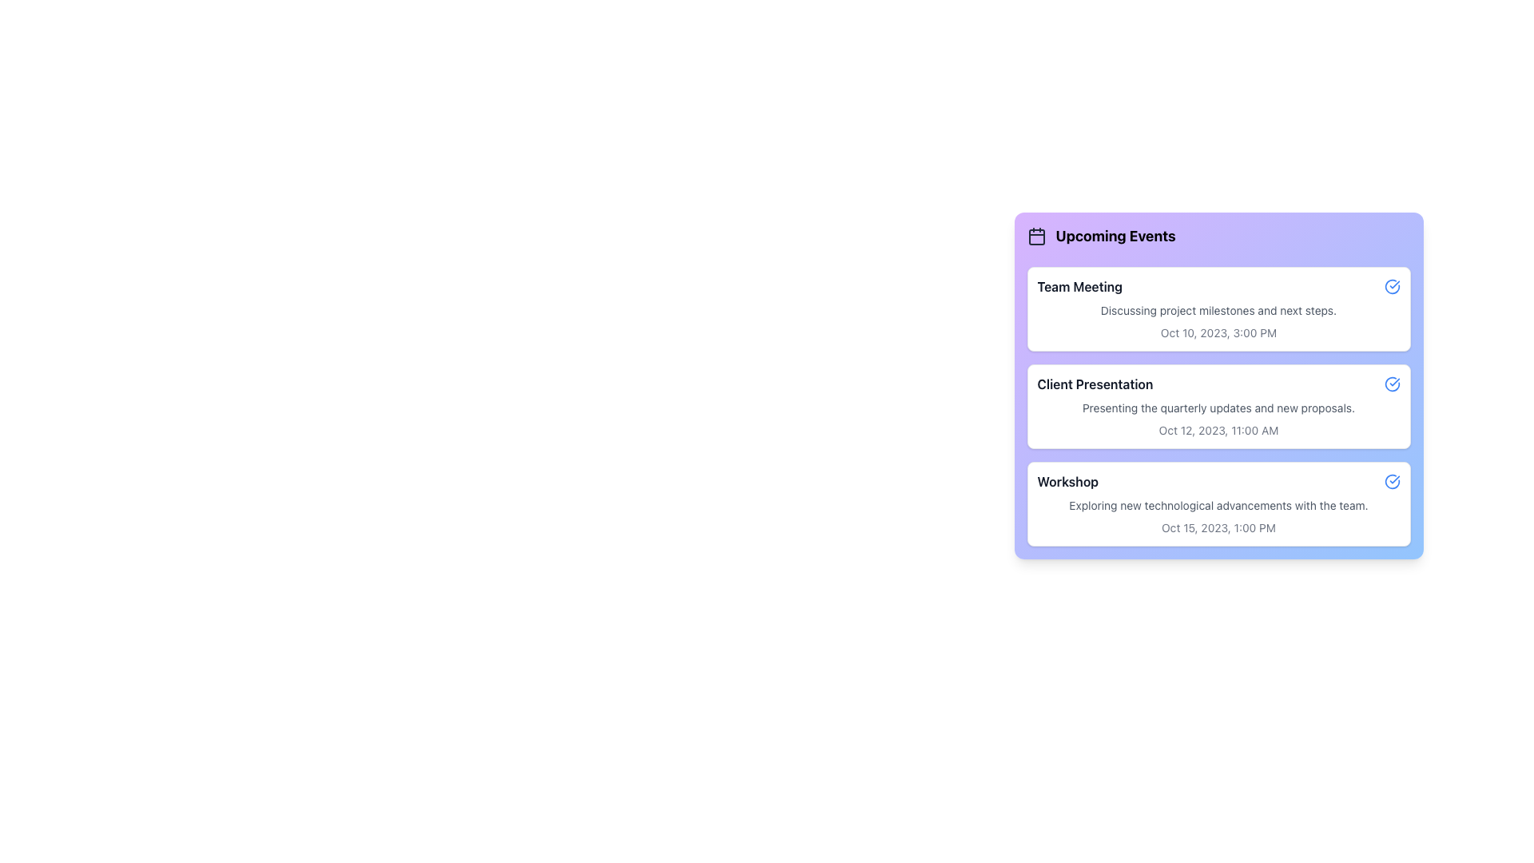 The height and width of the screenshot is (863, 1534). I want to click on the informational text label indicating the time of the 'Team Meeting' event, which displays 'Oct 10, 2023, 3:00 PM', so click(1254, 332).